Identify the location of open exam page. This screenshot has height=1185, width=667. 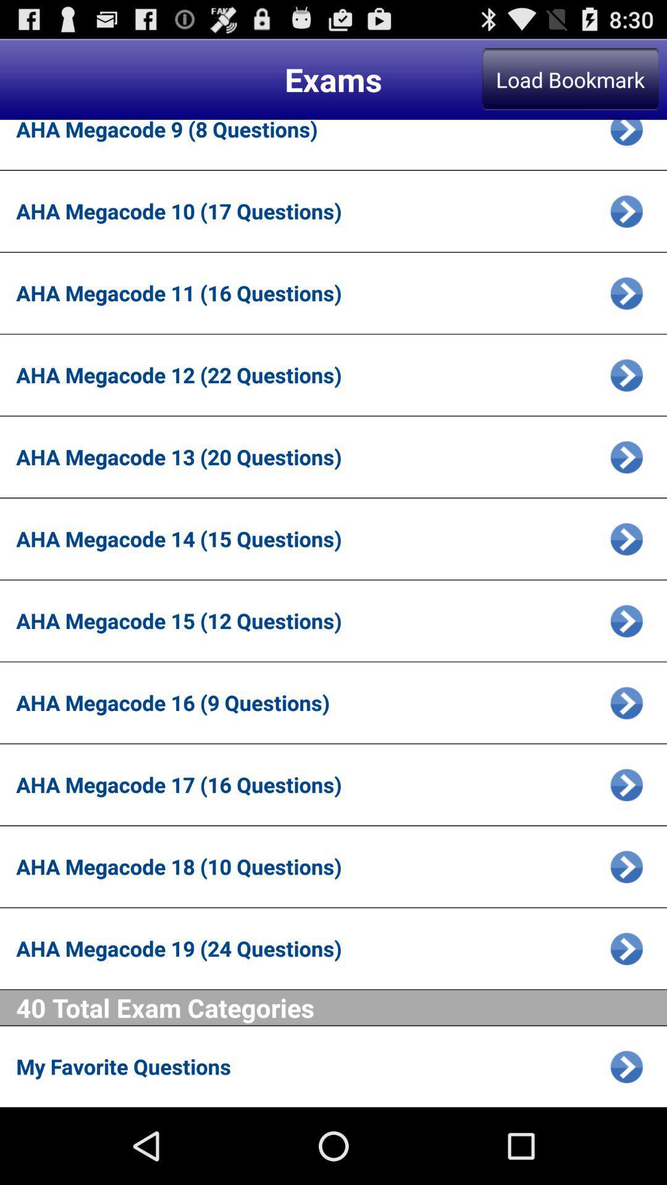
(626, 211).